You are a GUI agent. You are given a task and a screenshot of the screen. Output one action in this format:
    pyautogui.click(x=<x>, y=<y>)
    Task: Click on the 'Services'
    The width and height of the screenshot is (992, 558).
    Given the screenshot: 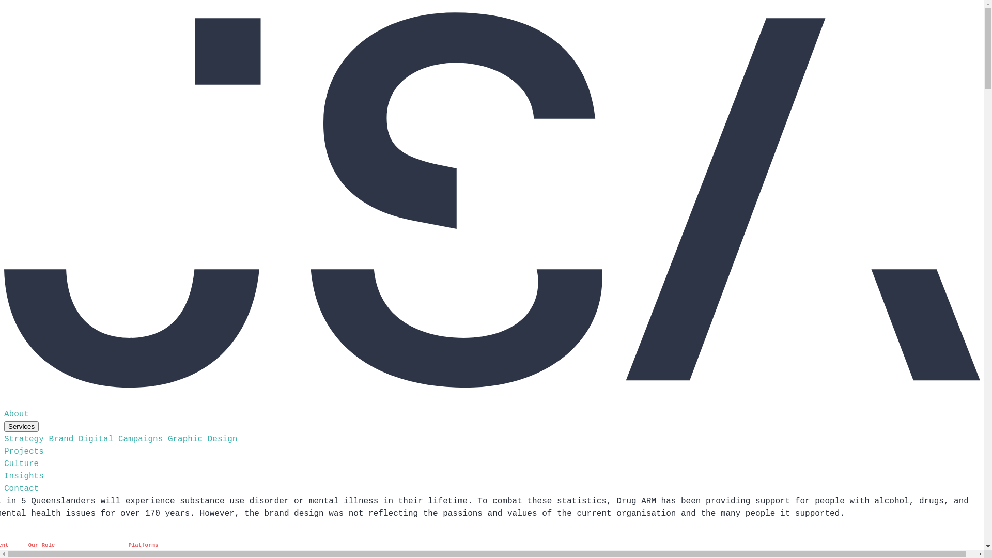 What is the action you would take?
    pyautogui.click(x=4, y=426)
    